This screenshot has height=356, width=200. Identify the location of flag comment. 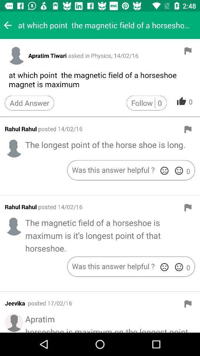
(188, 129).